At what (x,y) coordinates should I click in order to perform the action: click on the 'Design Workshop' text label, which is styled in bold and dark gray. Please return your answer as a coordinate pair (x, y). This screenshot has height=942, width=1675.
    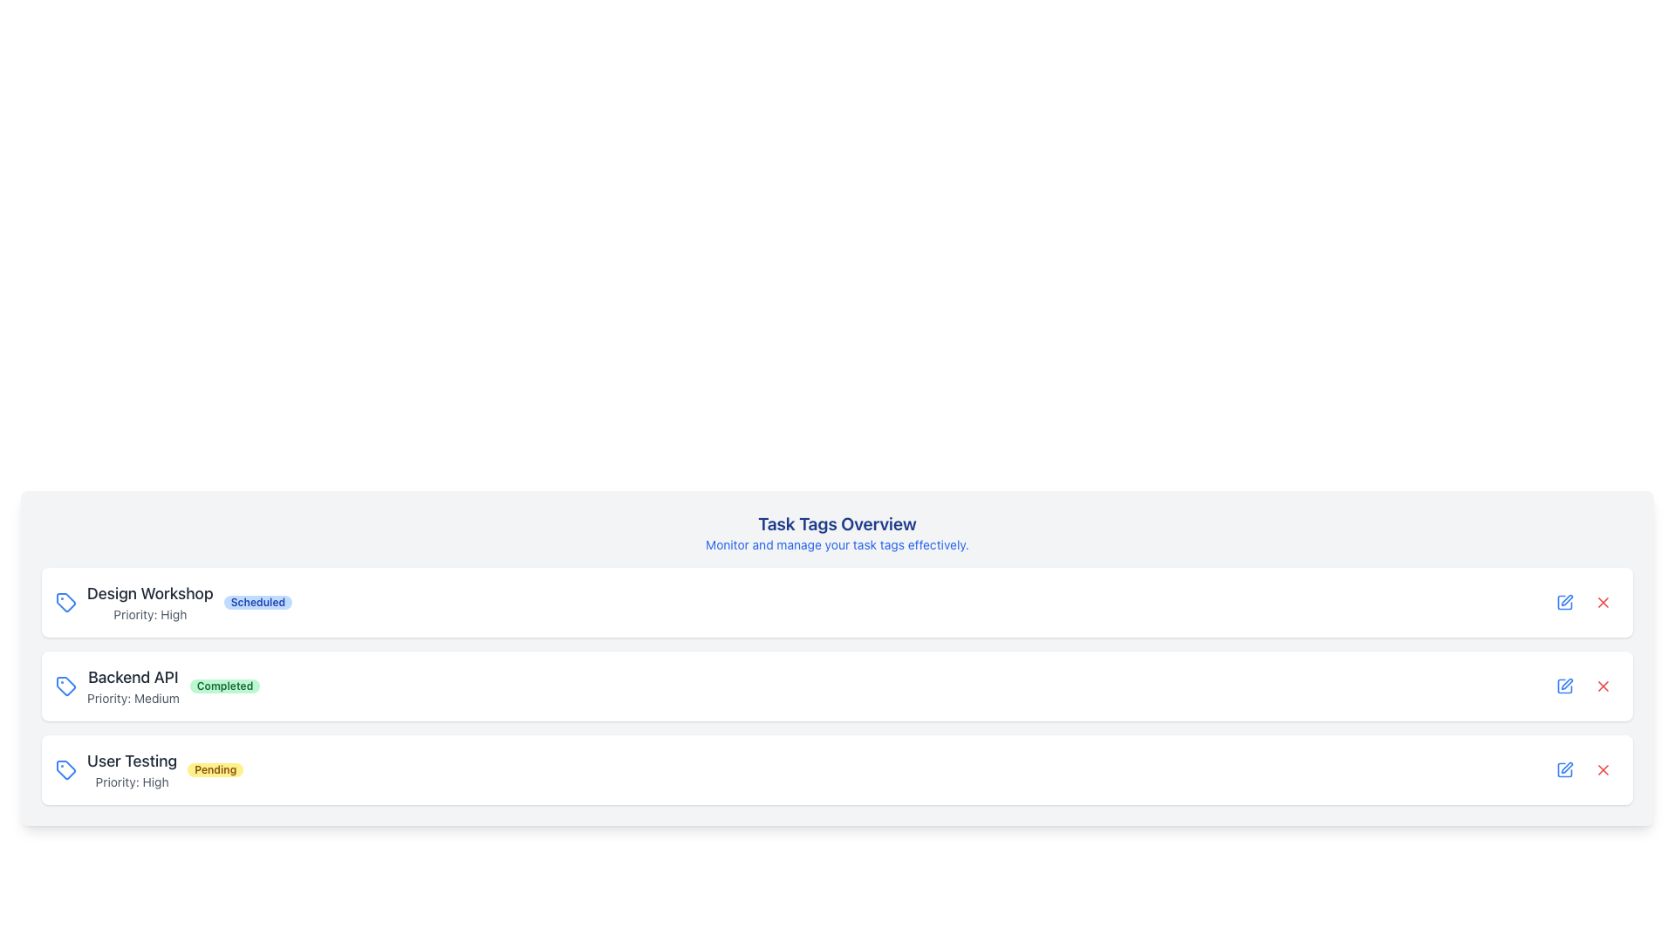
    Looking at the image, I should click on (150, 593).